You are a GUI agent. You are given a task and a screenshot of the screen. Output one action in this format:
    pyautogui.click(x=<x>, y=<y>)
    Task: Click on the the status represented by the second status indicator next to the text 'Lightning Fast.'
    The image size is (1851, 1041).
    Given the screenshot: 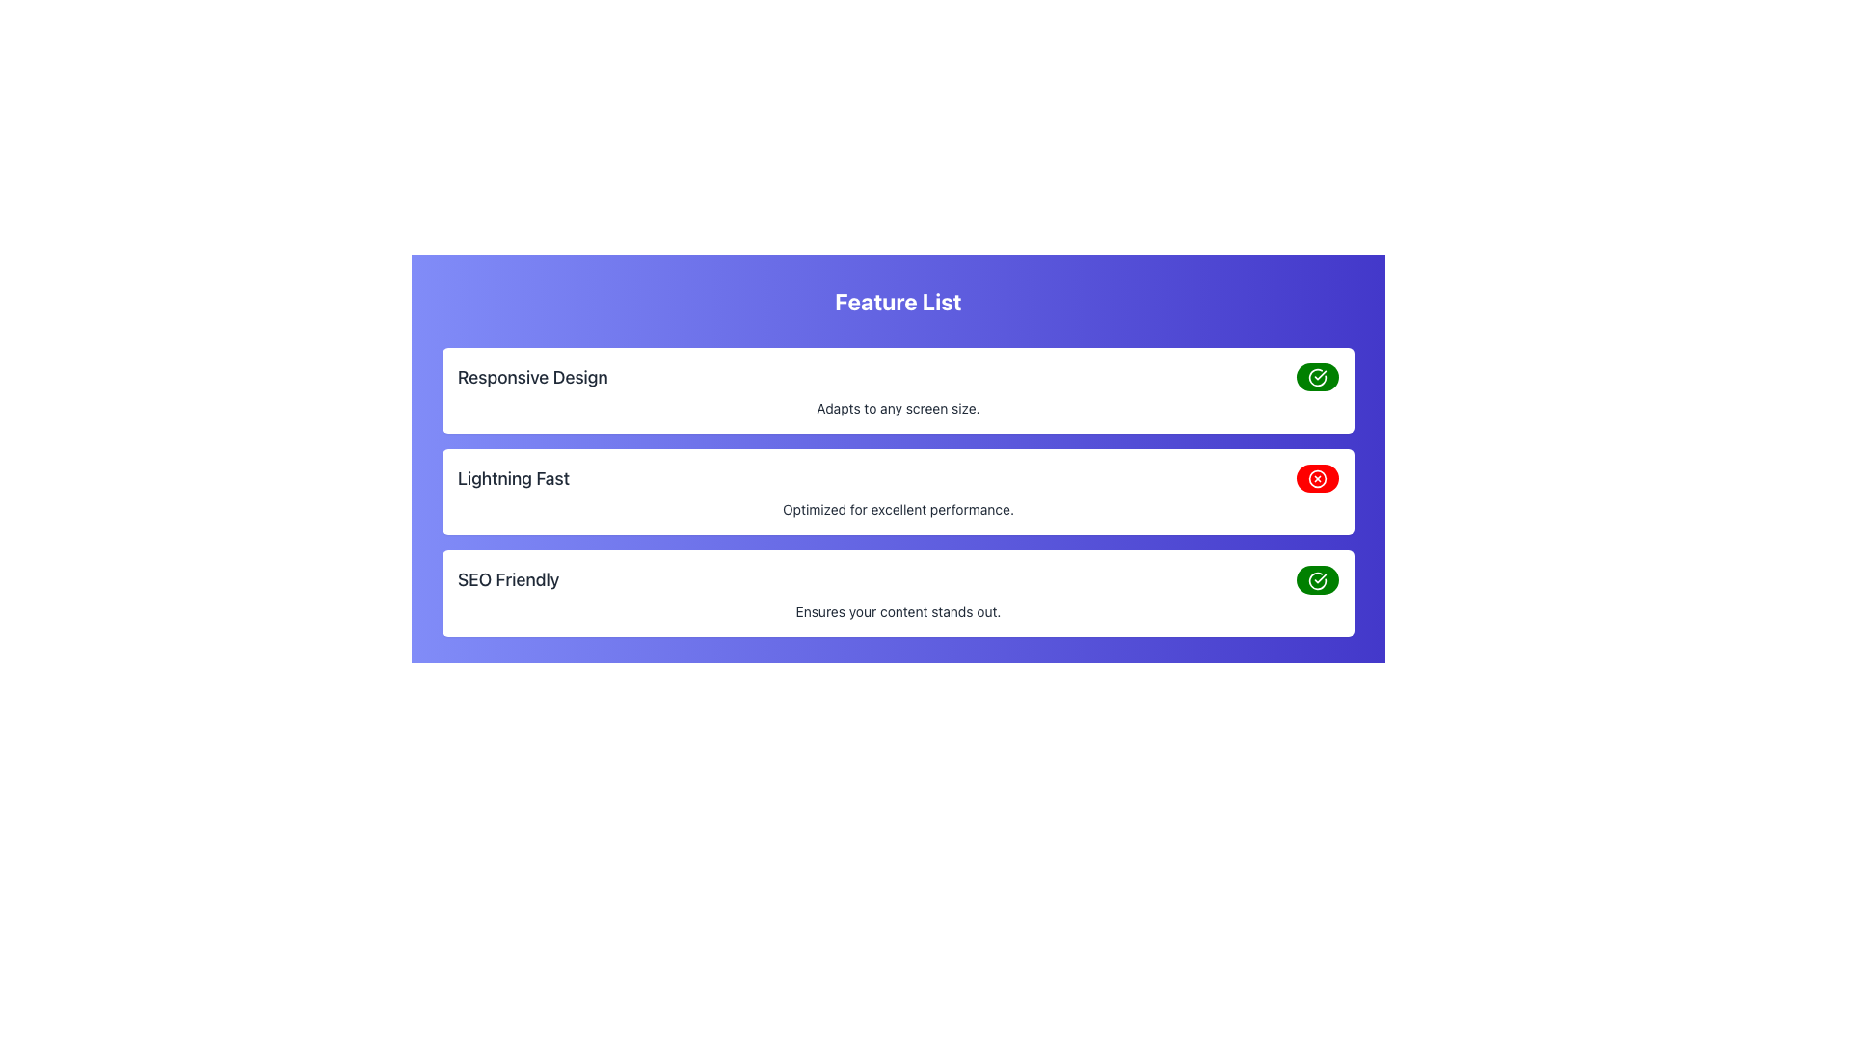 What is the action you would take?
    pyautogui.click(x=1317, y=478)
    